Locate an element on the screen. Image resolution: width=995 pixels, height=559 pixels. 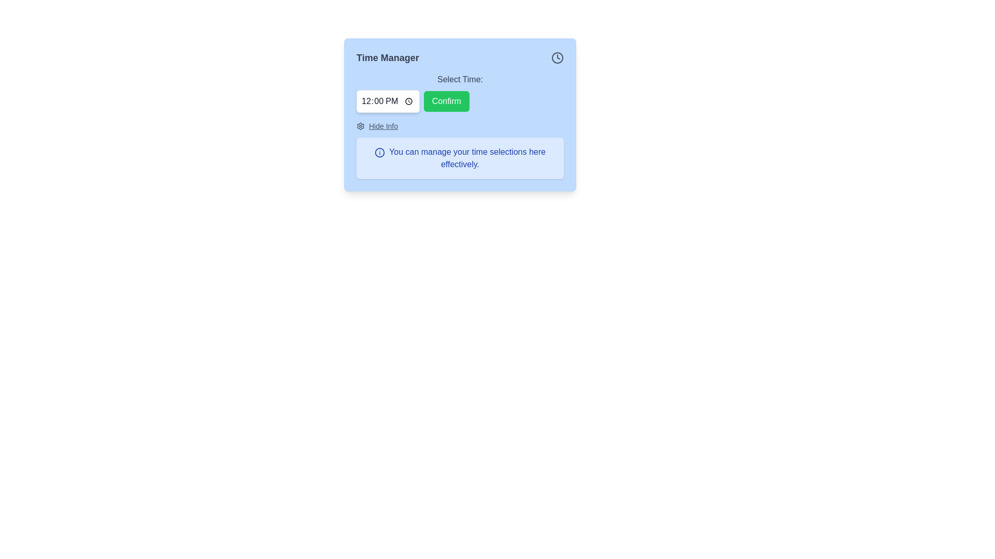
the green 'Confirm' button with rounded corners is located at coordinates (446, 101).